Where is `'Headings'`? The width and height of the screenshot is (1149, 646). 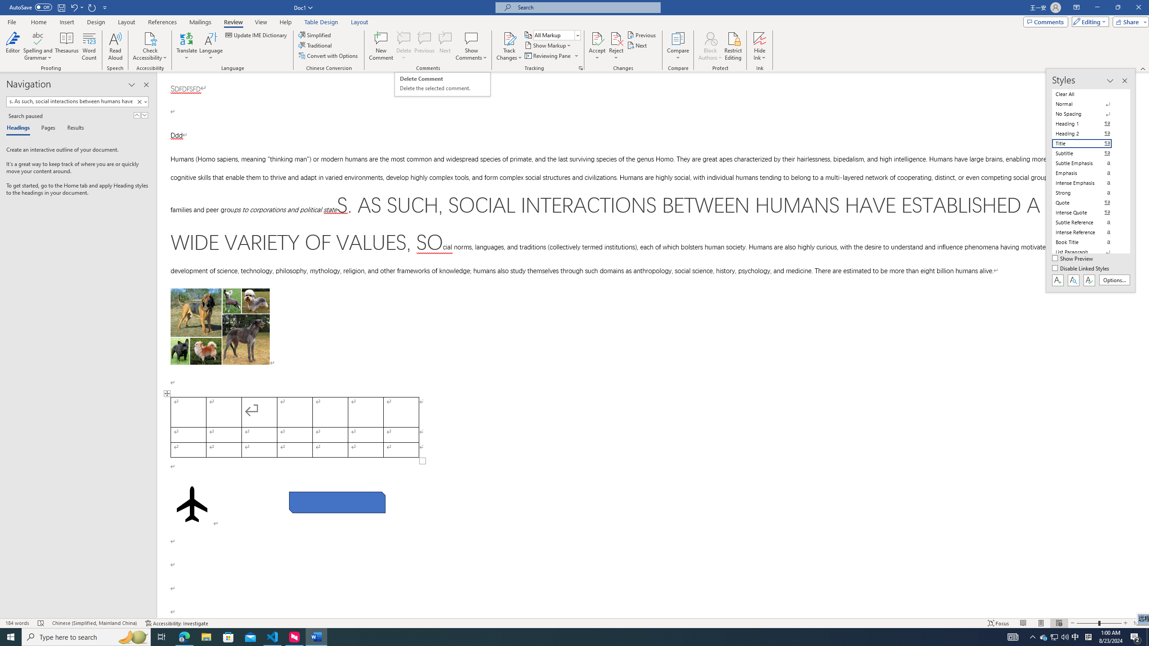 'Headings' is located at coordinates (20, 128).